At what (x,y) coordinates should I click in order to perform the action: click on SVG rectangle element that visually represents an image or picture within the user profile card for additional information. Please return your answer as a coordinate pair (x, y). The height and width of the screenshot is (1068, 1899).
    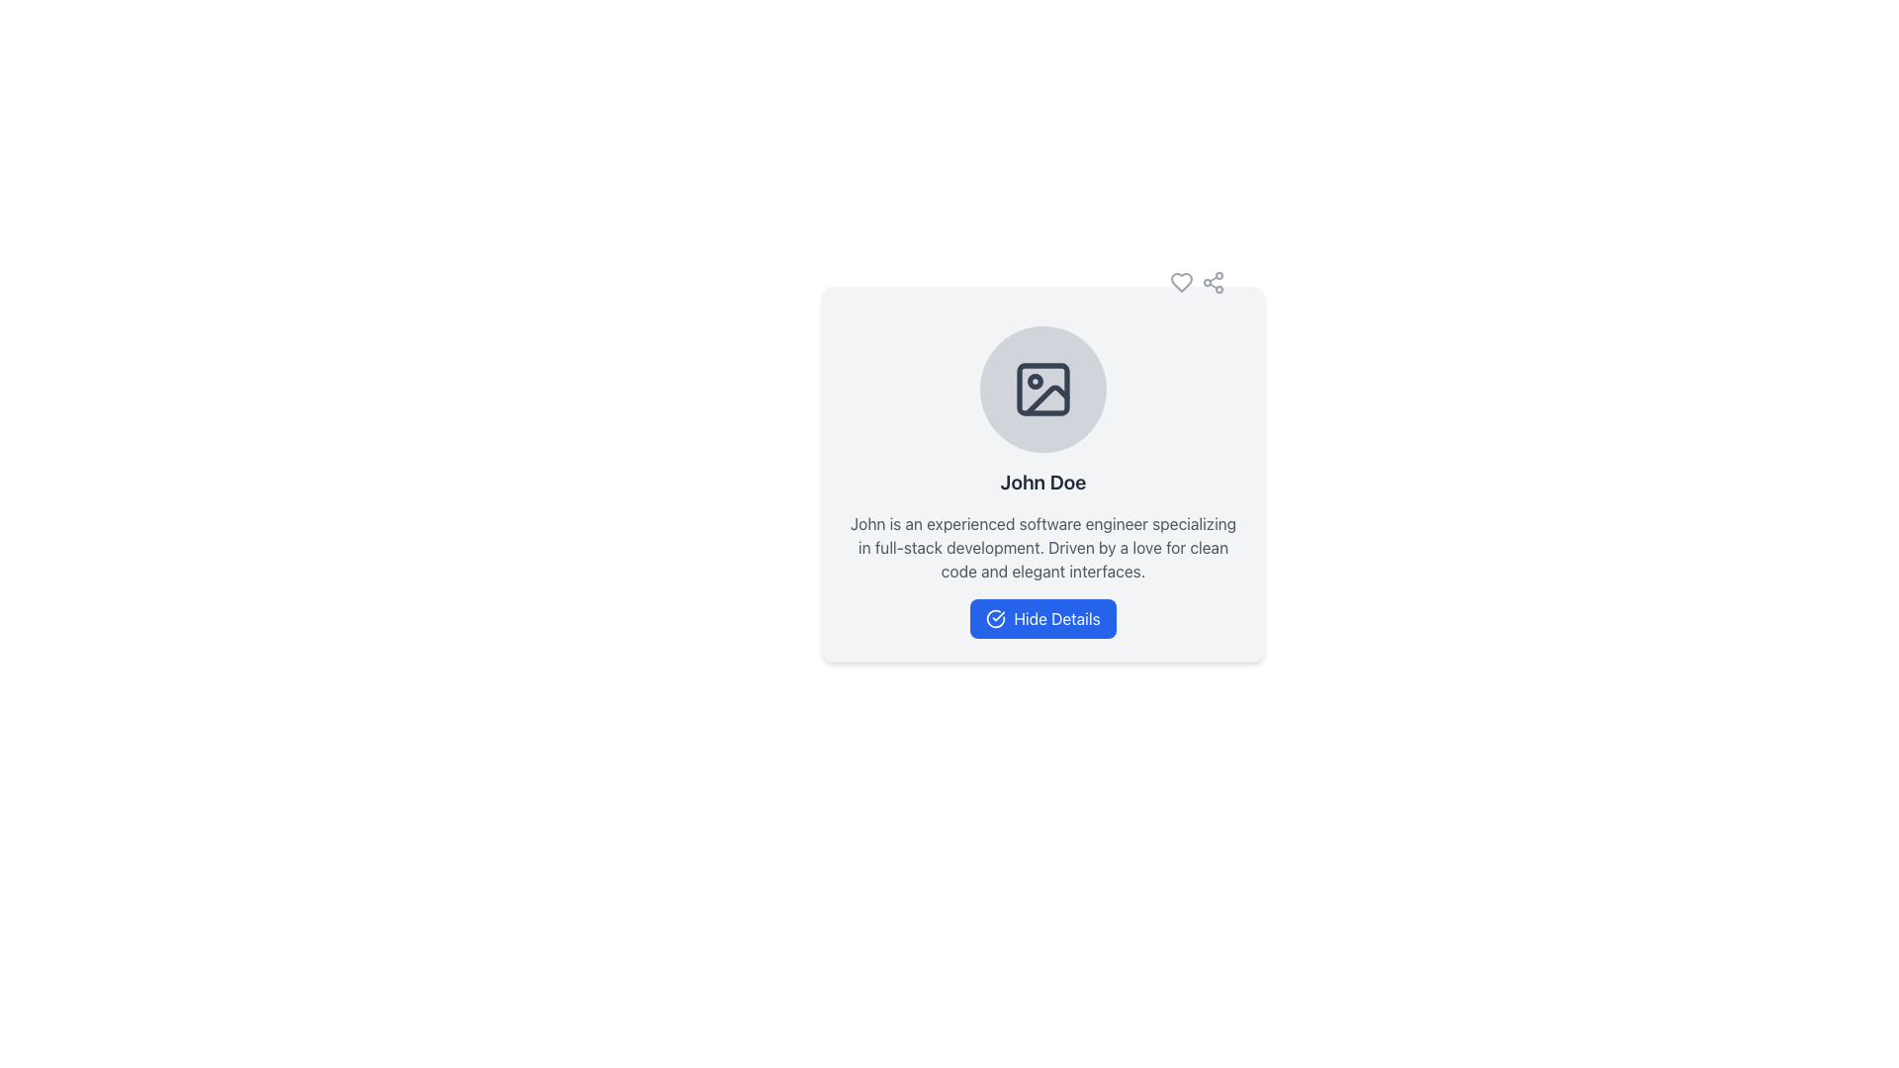
    Looking at the image, I should click on (1042, 389).